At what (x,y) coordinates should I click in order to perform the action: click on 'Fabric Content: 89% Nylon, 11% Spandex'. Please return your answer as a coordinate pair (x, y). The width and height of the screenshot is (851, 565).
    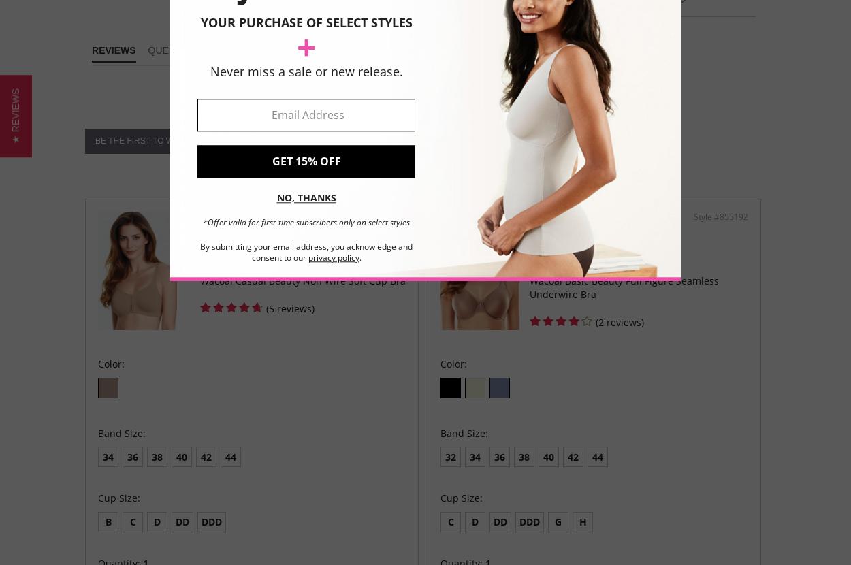
    Looking at the image, I should click on (622, 86).